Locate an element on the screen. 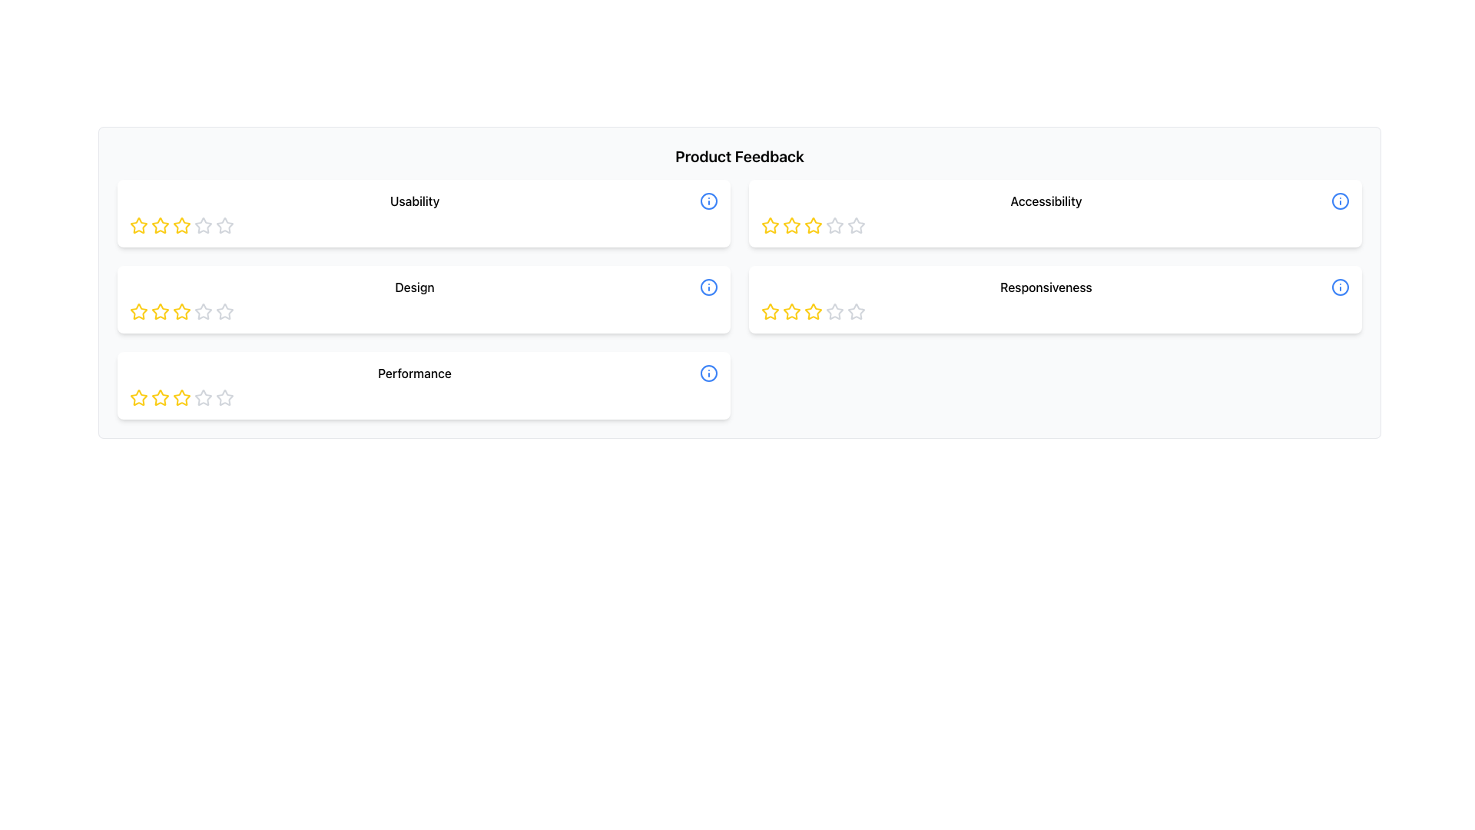 This screenshot has height=830, width=1475. the second yellow star-shaped rating icon in the Accessibility section to visualize hover effects is located at coordinates (792, 225).